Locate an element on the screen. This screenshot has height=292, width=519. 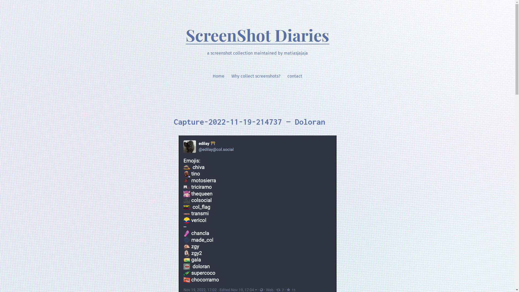
'Why collect screenshots?' is located at coordinates (255, 76).